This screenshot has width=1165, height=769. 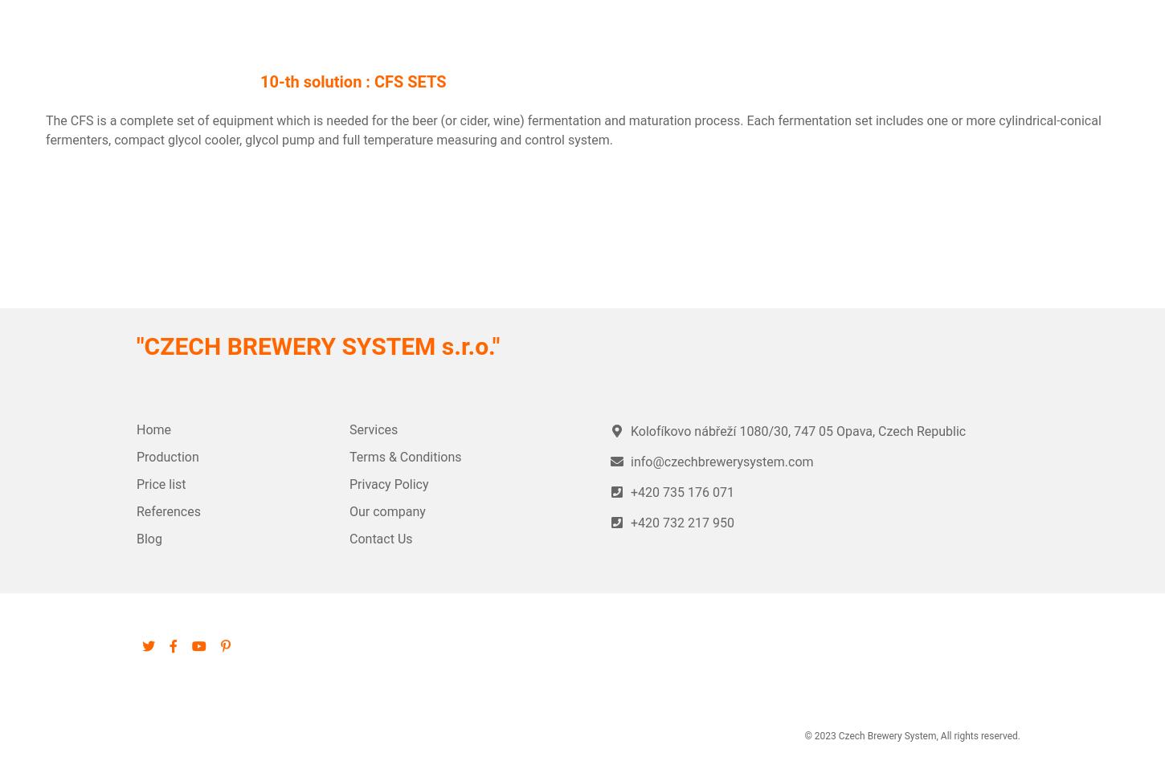 What do you see at coordinates (631, 522) in the screenshot?
I see `'+420 732 217 950'` at bounding box center [631, 522].